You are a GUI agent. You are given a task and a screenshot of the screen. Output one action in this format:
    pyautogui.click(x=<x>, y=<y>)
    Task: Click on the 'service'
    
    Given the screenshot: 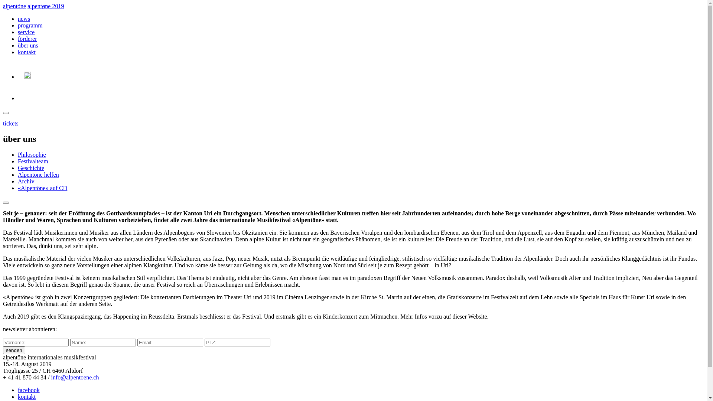 What is the action you would take?
    pyautogui.click(x=26, y=32)
    